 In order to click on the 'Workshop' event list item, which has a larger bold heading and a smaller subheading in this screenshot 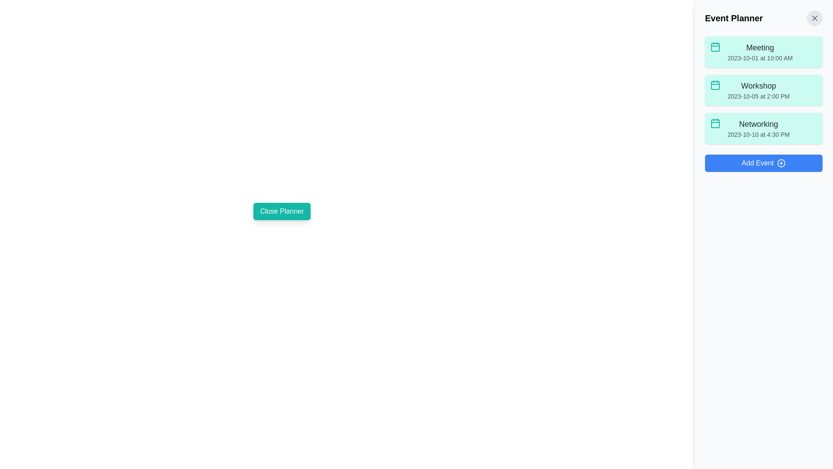, I will do `click(758, 90)`.